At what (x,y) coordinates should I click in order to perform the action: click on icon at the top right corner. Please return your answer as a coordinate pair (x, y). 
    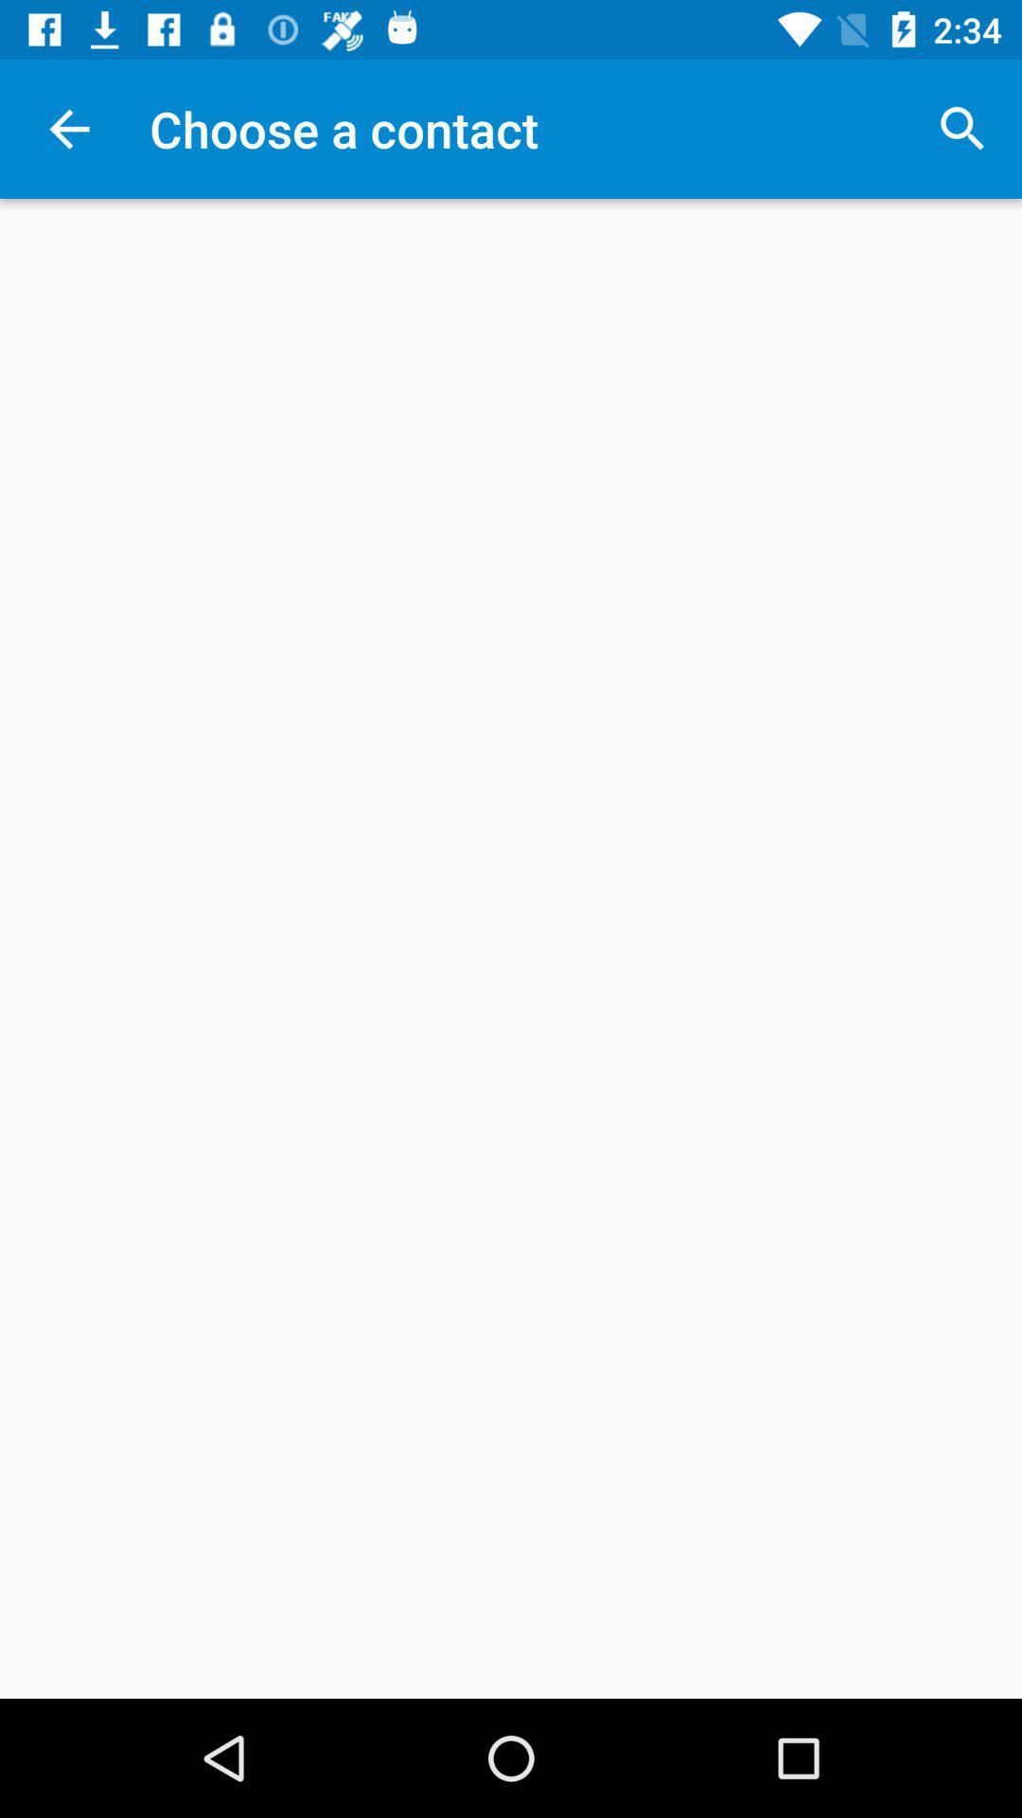
    Looking at the image, I should click on (962, 128).